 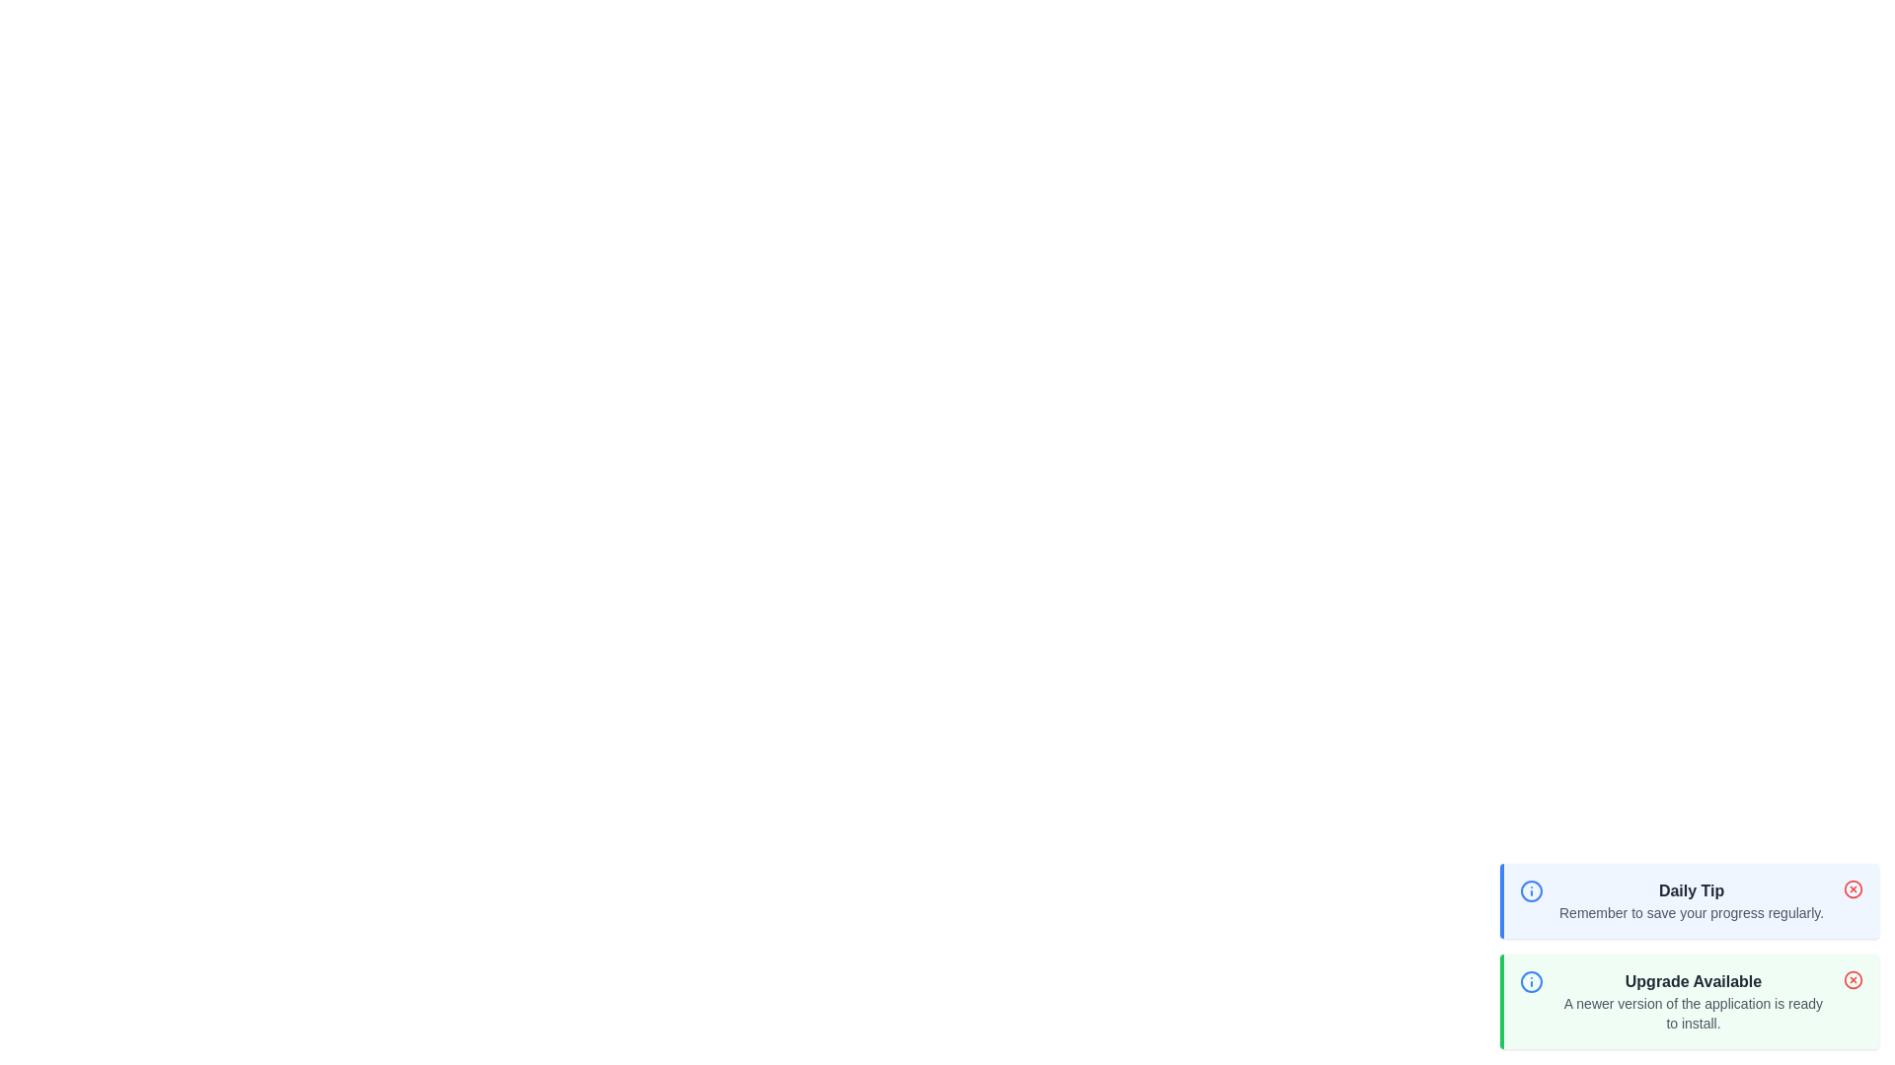 What do you see at coordinates (1852, 980) in the screenshot?
I see `the close button of the notification titled Upgrade Available` at bounding box center [1852, 980].